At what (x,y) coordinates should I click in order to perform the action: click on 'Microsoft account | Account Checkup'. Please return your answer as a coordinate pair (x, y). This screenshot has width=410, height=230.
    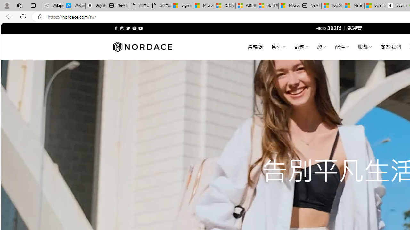
    Looking at the image, I should click on (289, 5).